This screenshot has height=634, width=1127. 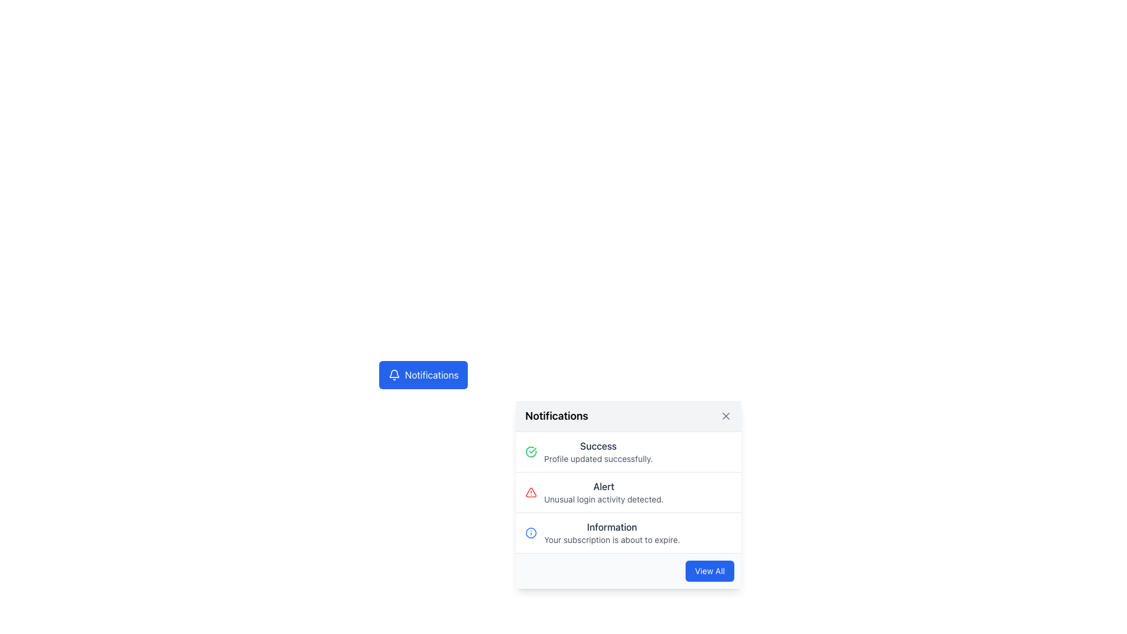 What do you see at coordinates (627, 495) in the screenshot?
I see `notification text from the second item in the notification dropdown list which states 'Unusual login activity detected.'` at bounding box center [627, 495].